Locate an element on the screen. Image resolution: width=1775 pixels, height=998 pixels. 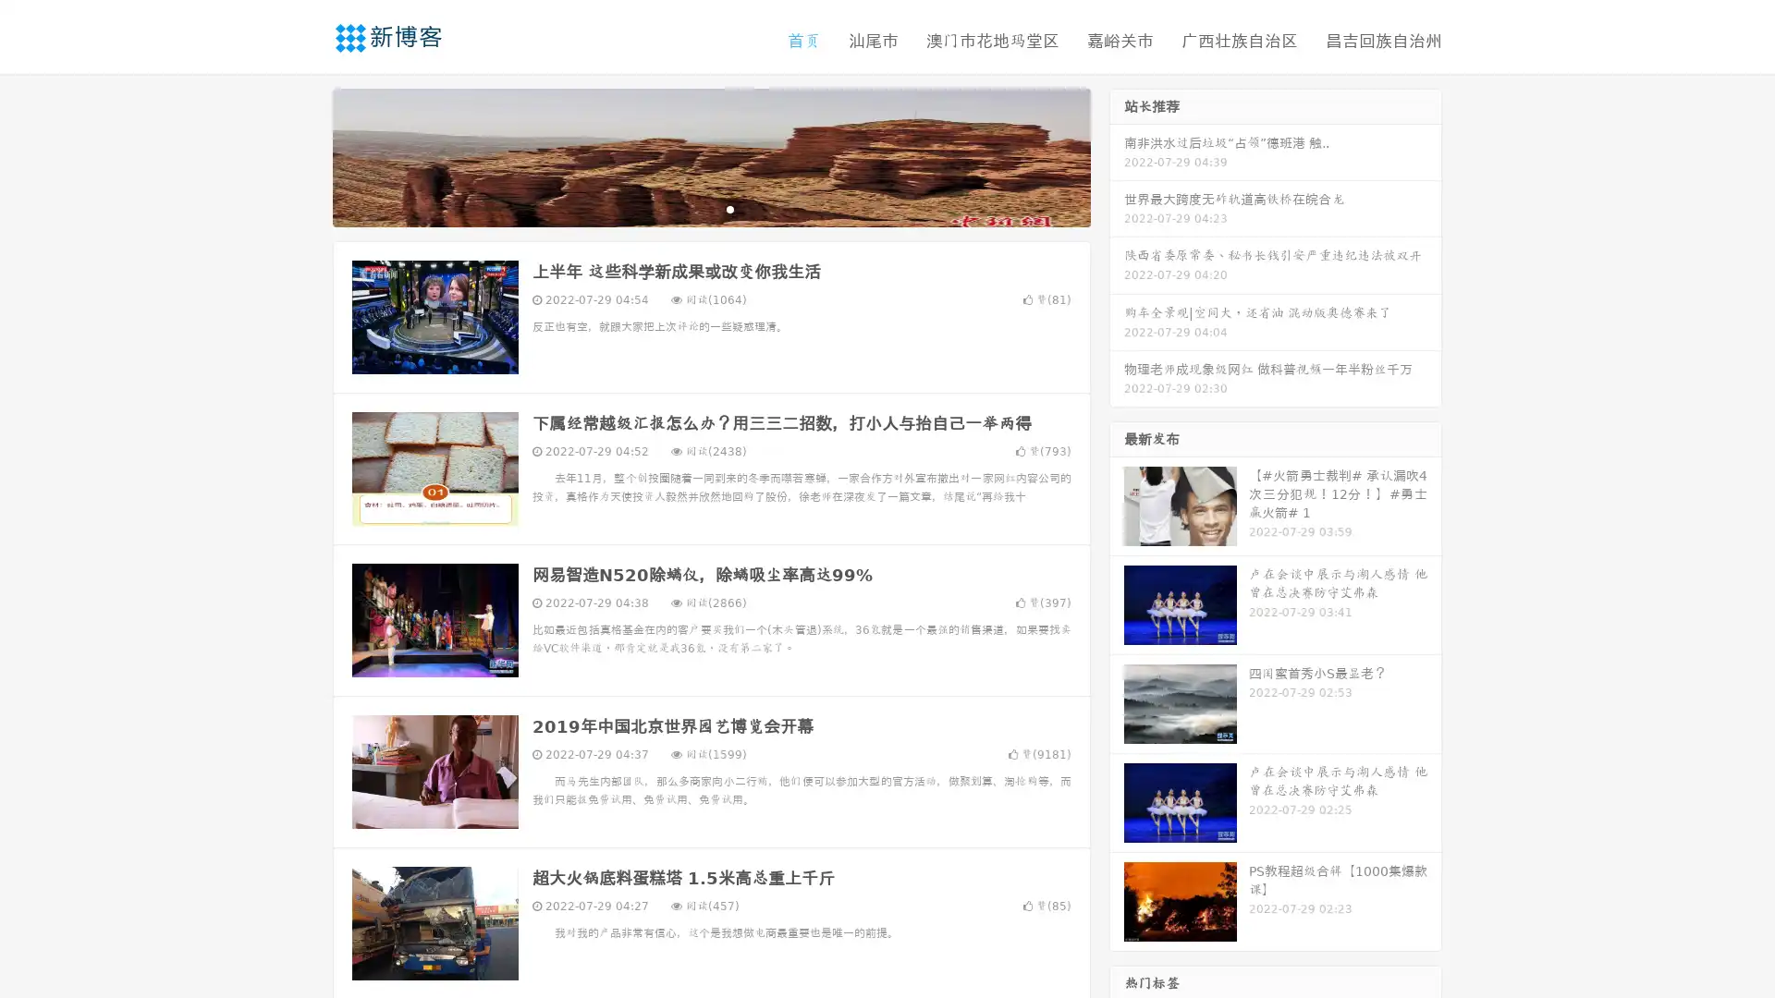
Previous slide is located at coordinates (305, 155).